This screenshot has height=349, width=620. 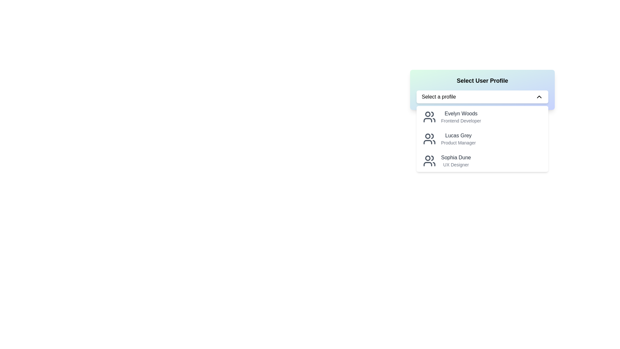 I want to click on the dropdown list option representing 'Lucas Grey' with the title 'Product Manager', so click(x=482, y=138).